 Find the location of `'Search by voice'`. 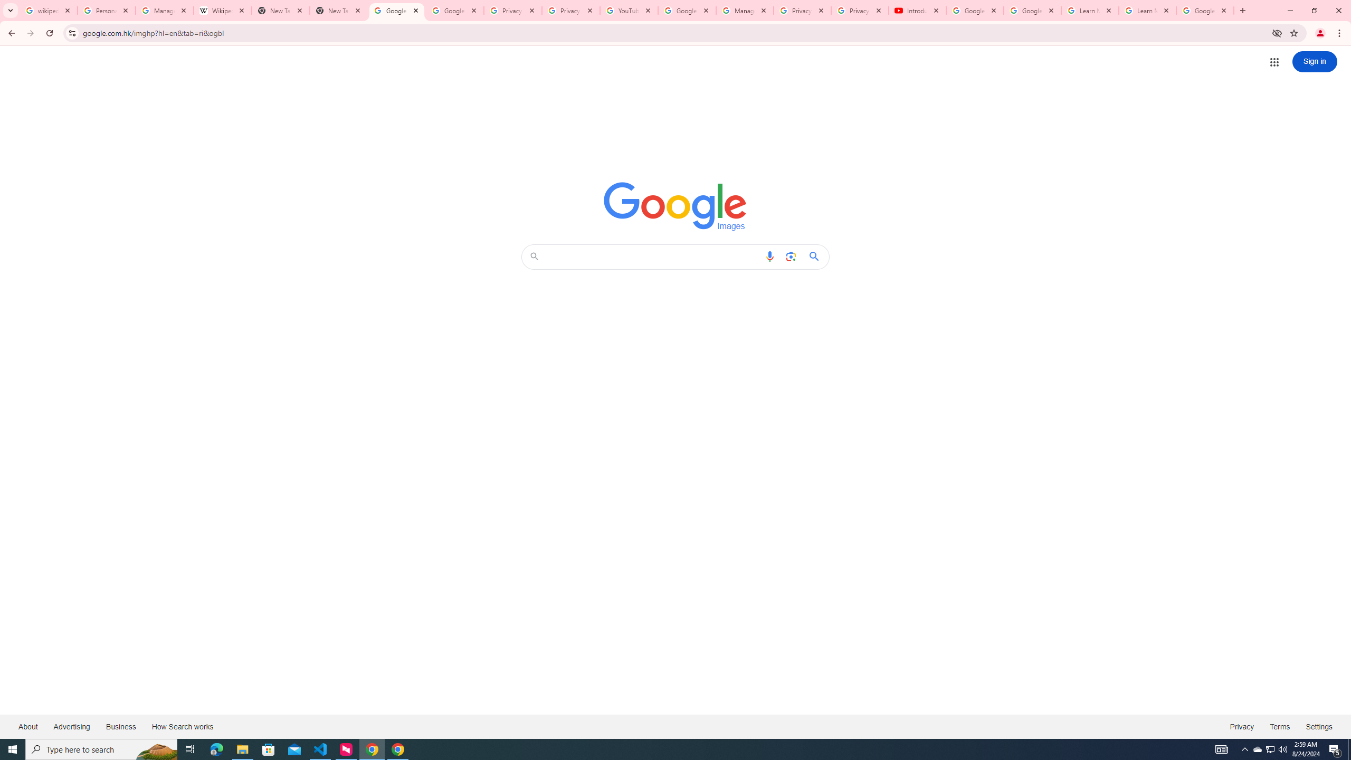

'Search by voice' is located at coordinates (770, 256).